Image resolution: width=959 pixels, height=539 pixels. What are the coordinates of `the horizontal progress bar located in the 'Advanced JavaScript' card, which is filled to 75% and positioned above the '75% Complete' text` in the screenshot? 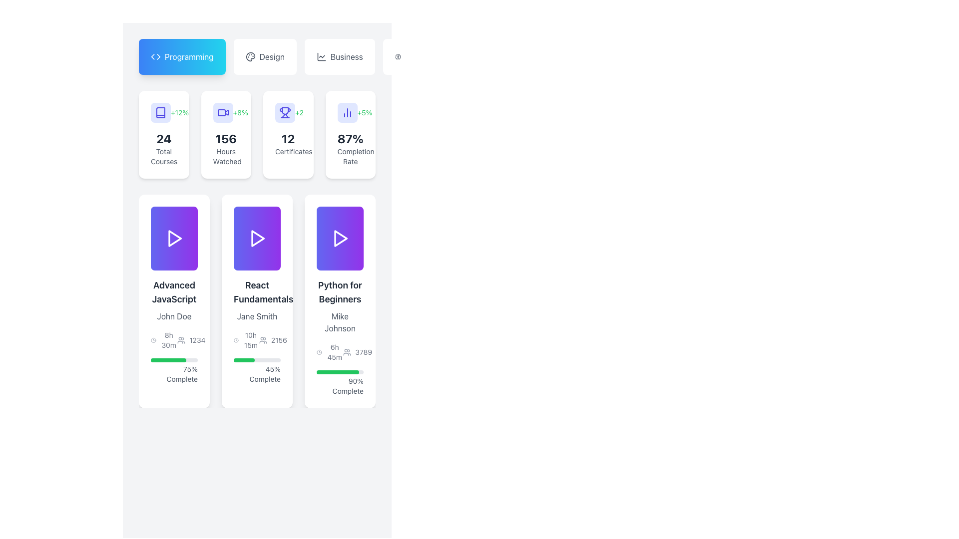 It's located at (174, 360).